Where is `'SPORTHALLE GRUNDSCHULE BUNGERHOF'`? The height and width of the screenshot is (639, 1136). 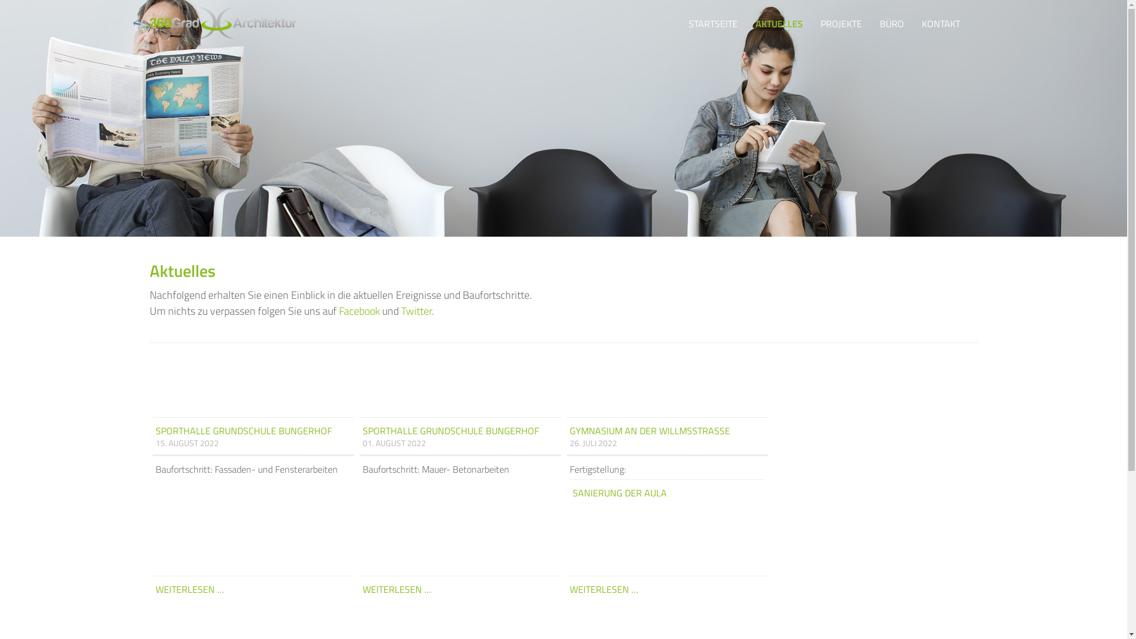
'SPORTHALLE GRUNDSCHULE BUNGERHOF' is located at coordinates (252, 427).